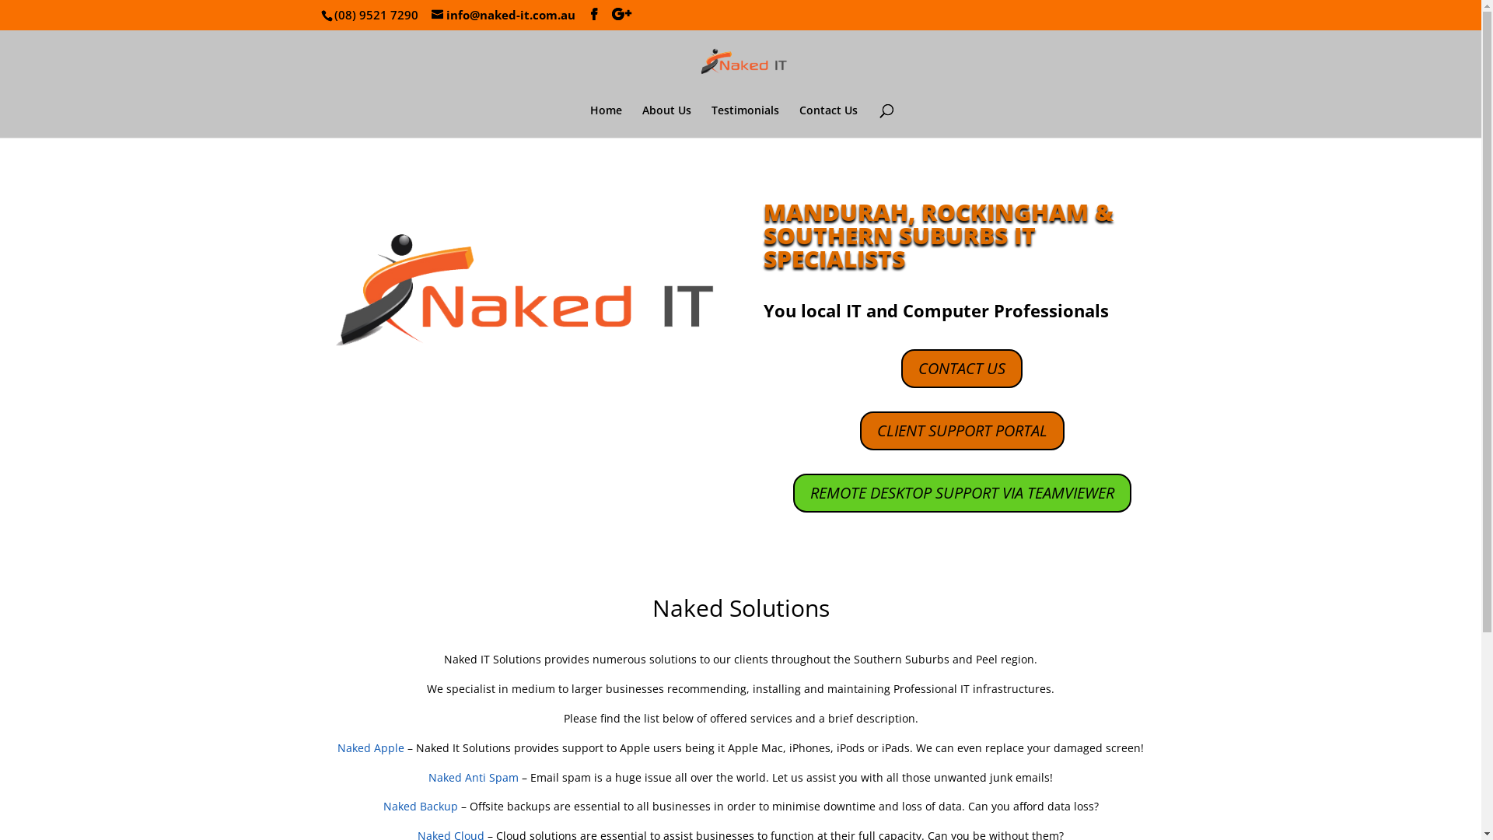 The image size is (1493, 840). What do you see at coordinates (827, 120) in the screenshot?
I see `'Contact Us'` at bounding box center [827, 120].